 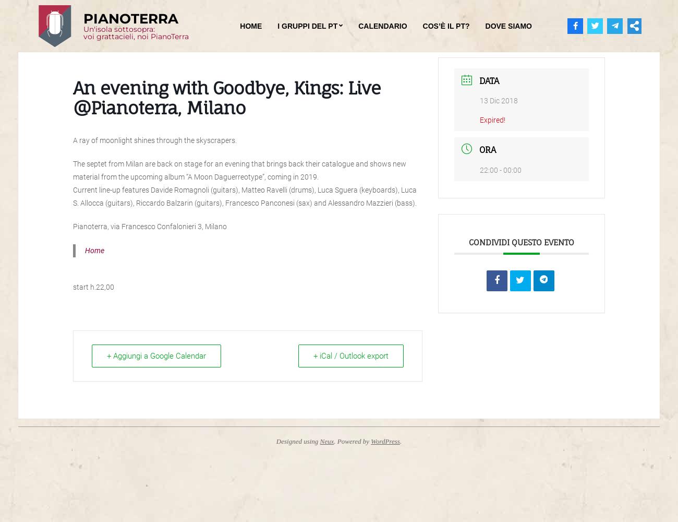 What do you see at coordinates (118, 29) in the screenshot?
I see `'Un'isola sottosopra:'` at bounding box center [118, 29].